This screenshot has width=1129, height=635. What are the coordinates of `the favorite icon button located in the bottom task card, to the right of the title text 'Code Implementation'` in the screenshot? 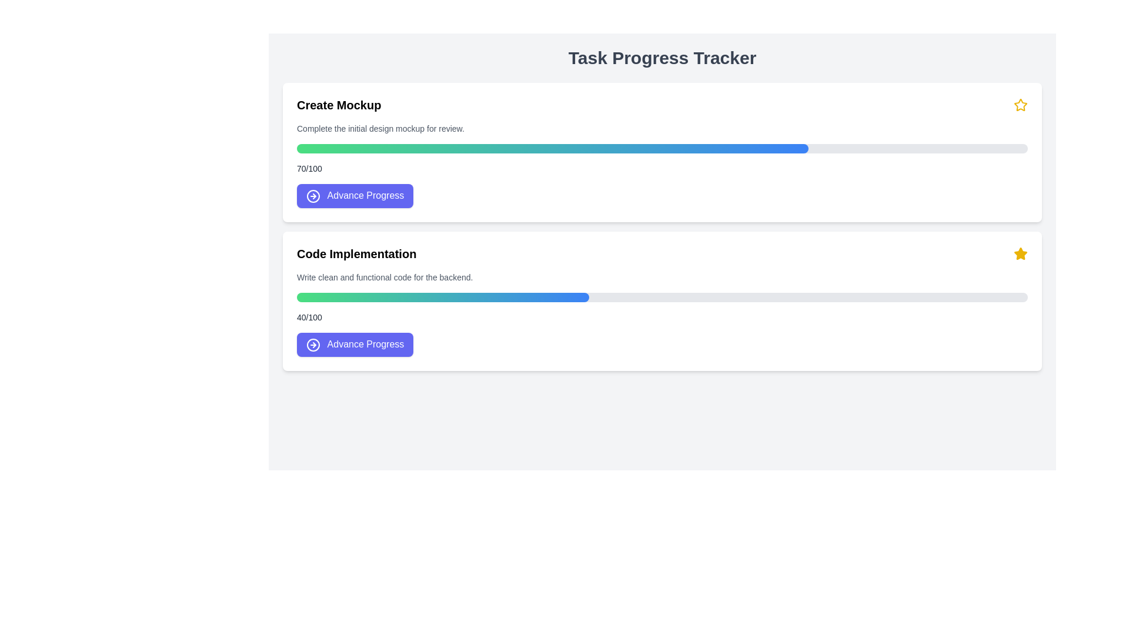 It's located at (1020, 253).